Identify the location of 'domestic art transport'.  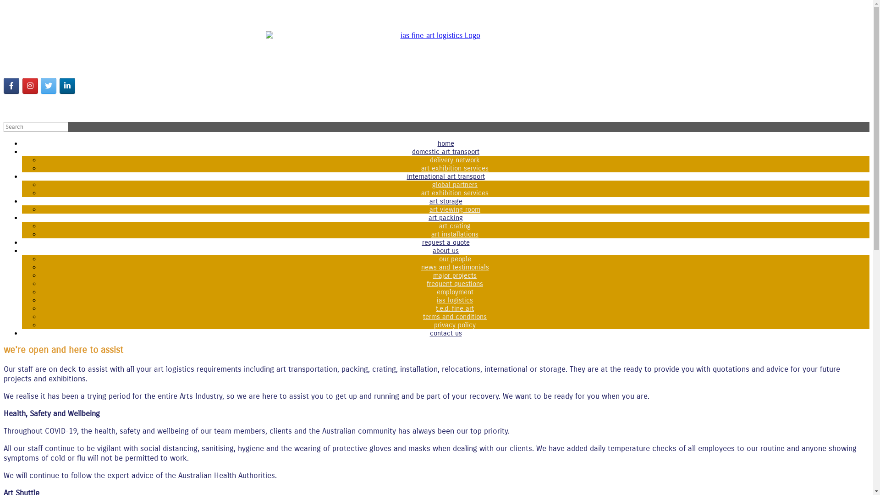
(445, 151).